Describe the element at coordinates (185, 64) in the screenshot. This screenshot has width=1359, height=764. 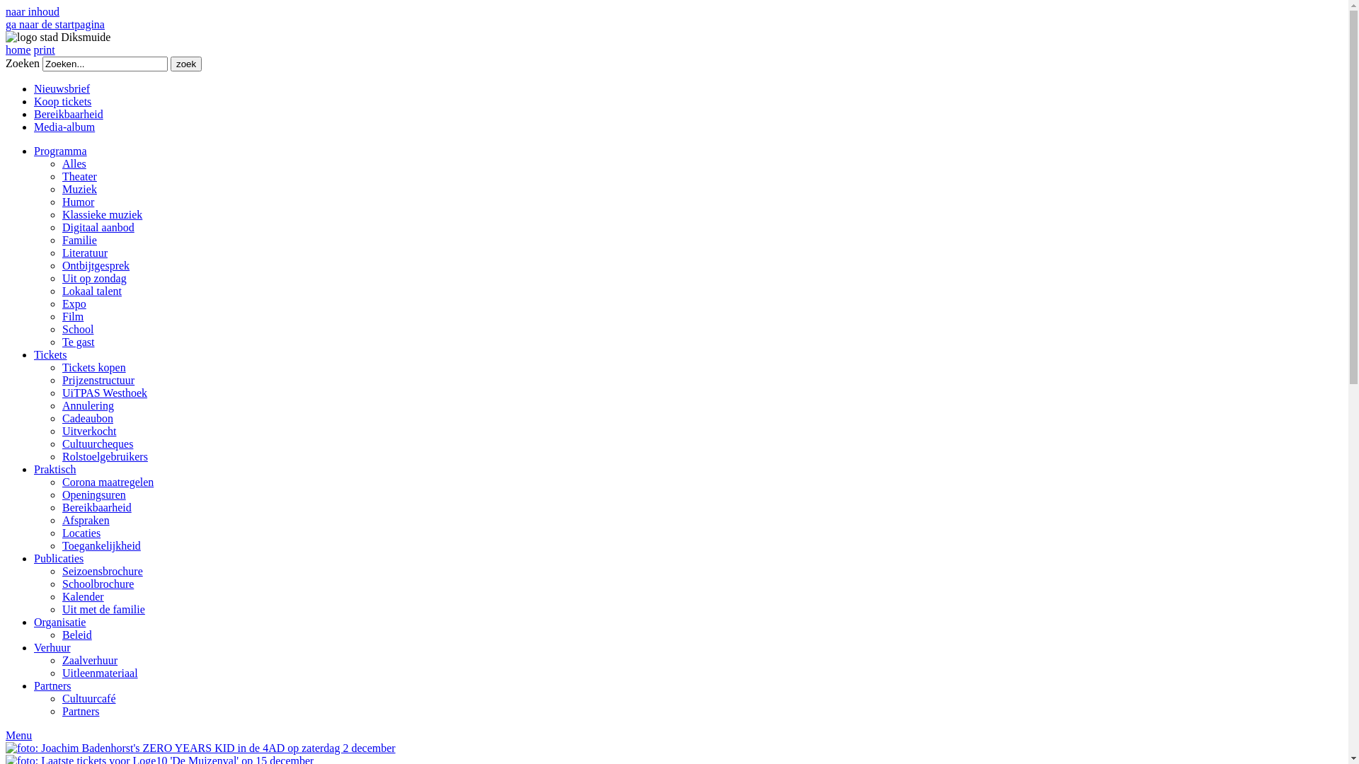
I see `'zoek'` at that location.